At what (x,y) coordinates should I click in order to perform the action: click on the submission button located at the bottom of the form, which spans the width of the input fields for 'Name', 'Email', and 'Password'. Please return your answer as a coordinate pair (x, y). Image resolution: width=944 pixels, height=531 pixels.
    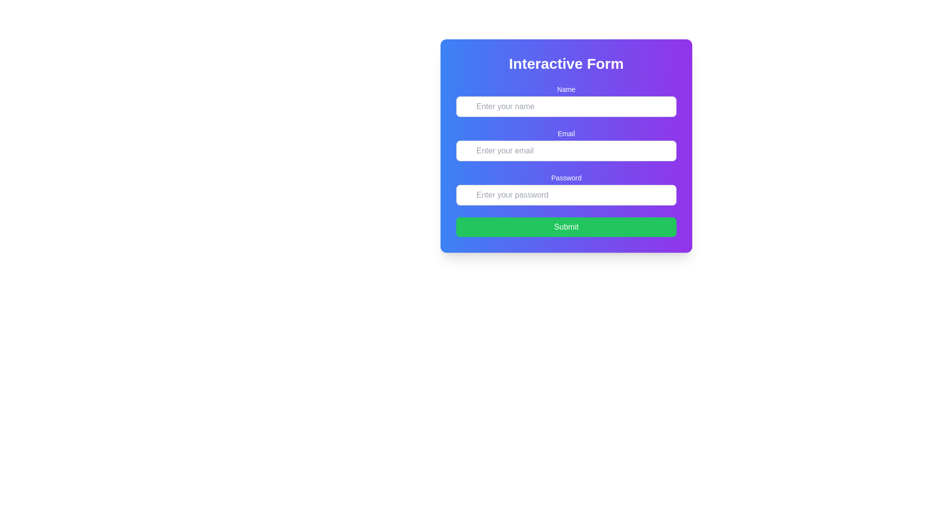
    Looking at the image, I should click on (566, 227).